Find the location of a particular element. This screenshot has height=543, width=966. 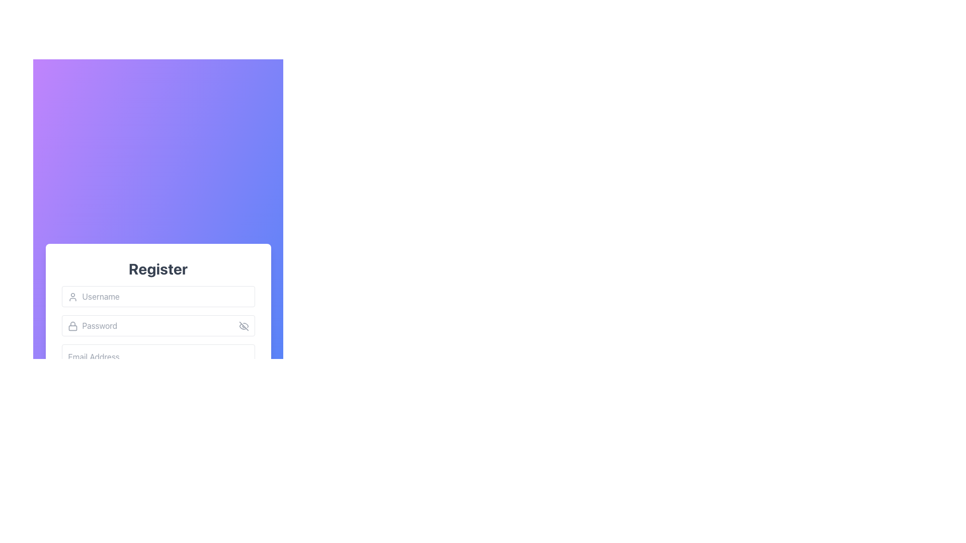

the lock icon located inside the password input field, which indicates secure password entry is located at coordinates (72, 326).